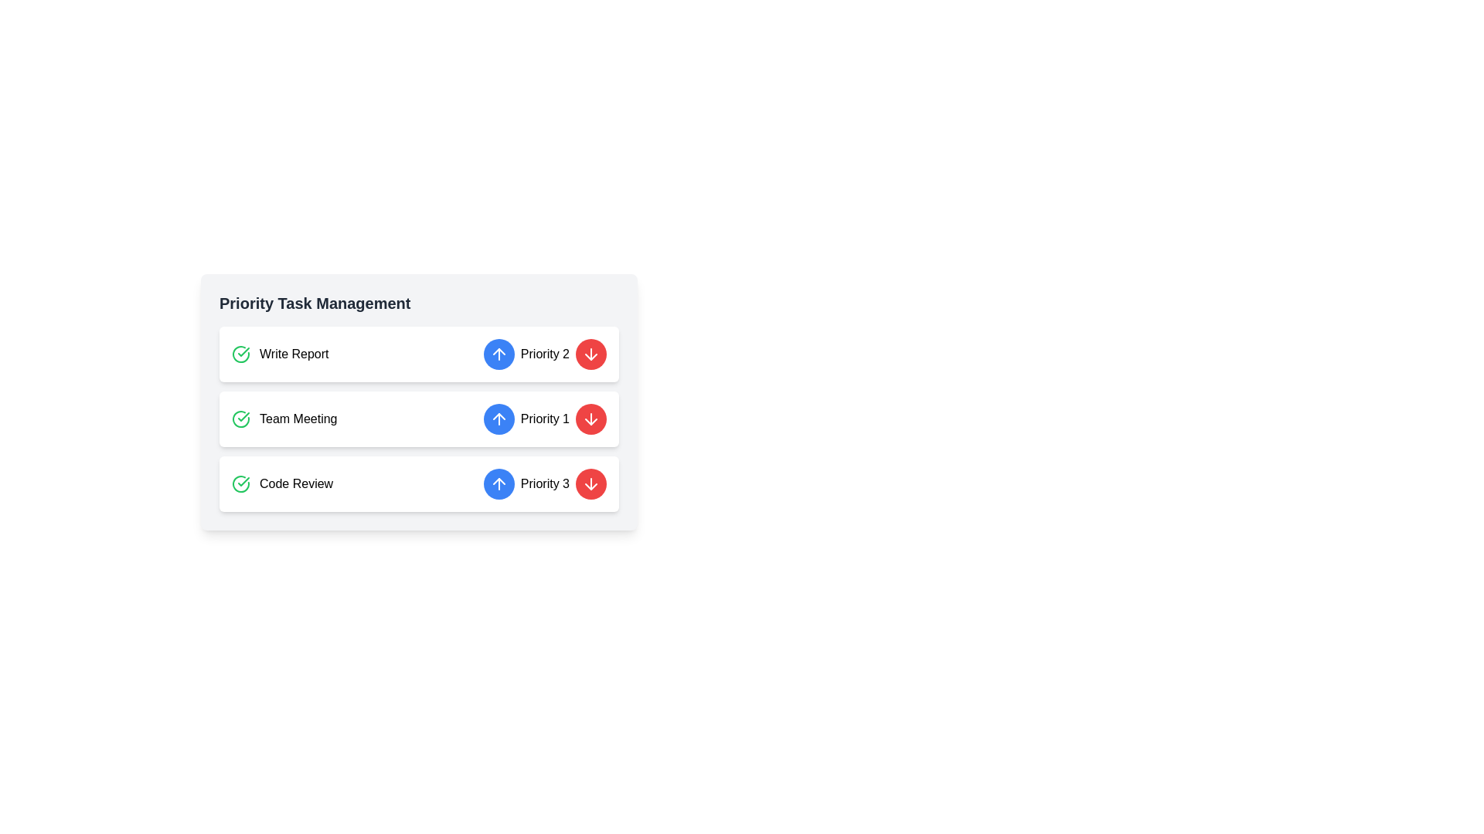 Image resolution: width=1484 pixels, height=834 pixels. What do you see at coordinates (545, 483) in the screenshot?
I see `the static text label that displays 'Priority 3', located between a blue circular button with an upward arrow and a red circular button with a downward arrow in the third item of a vertical task list` at bounding box center [545, 483].